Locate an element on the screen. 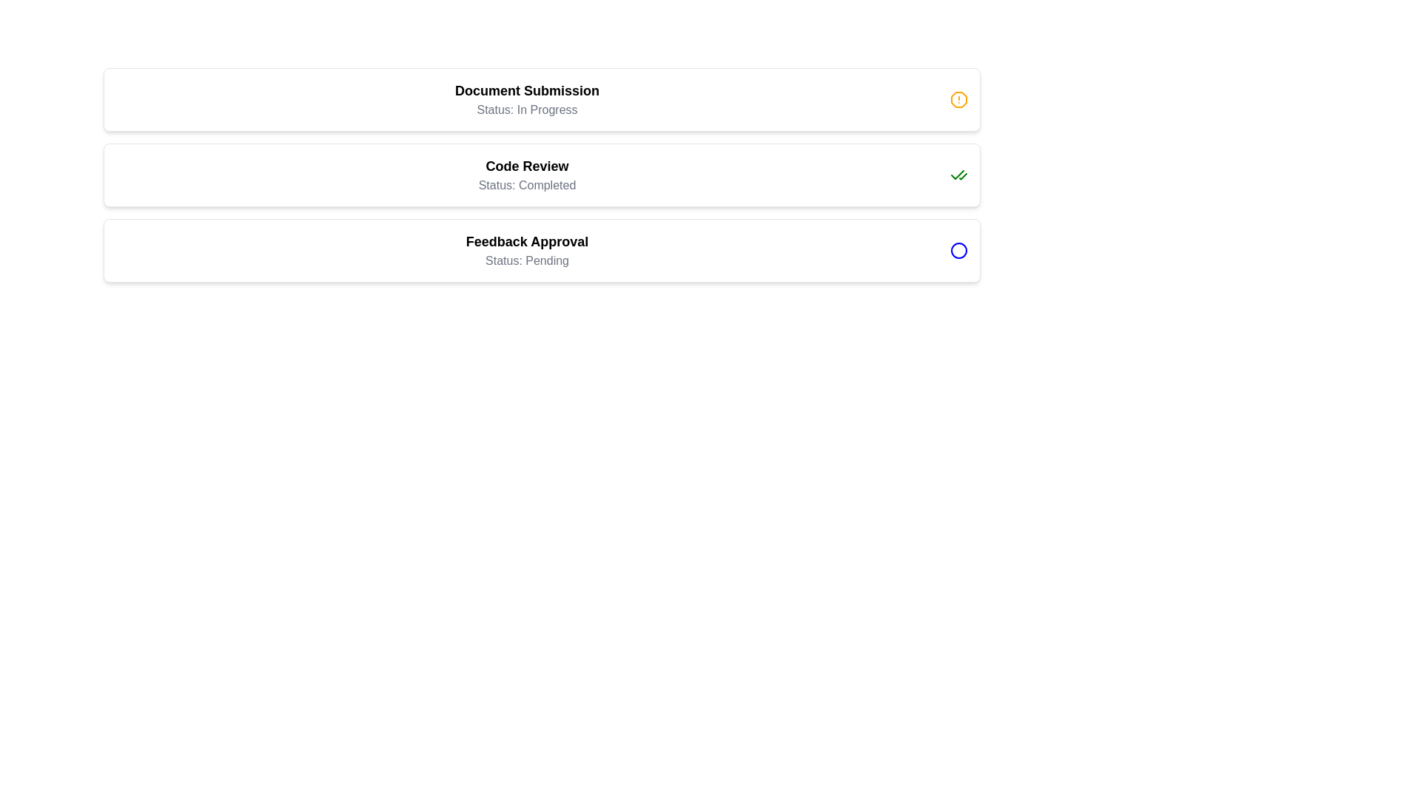 This screenshot has height=799, width=1421. the label displaying 'Code Review' and 'Status: Completed', which is the second item in a vertical list of three elements is located at coordinates (527, 174).